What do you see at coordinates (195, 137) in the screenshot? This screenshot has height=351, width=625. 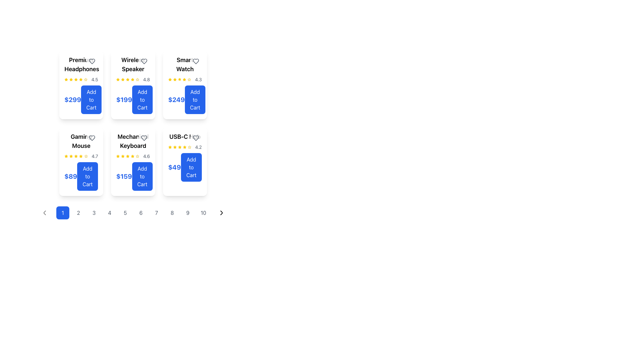 I see `the heart icon button at the top-right corner of the 'USB-C' product card to mark the product as favorite` at bounding box center [195, 137].